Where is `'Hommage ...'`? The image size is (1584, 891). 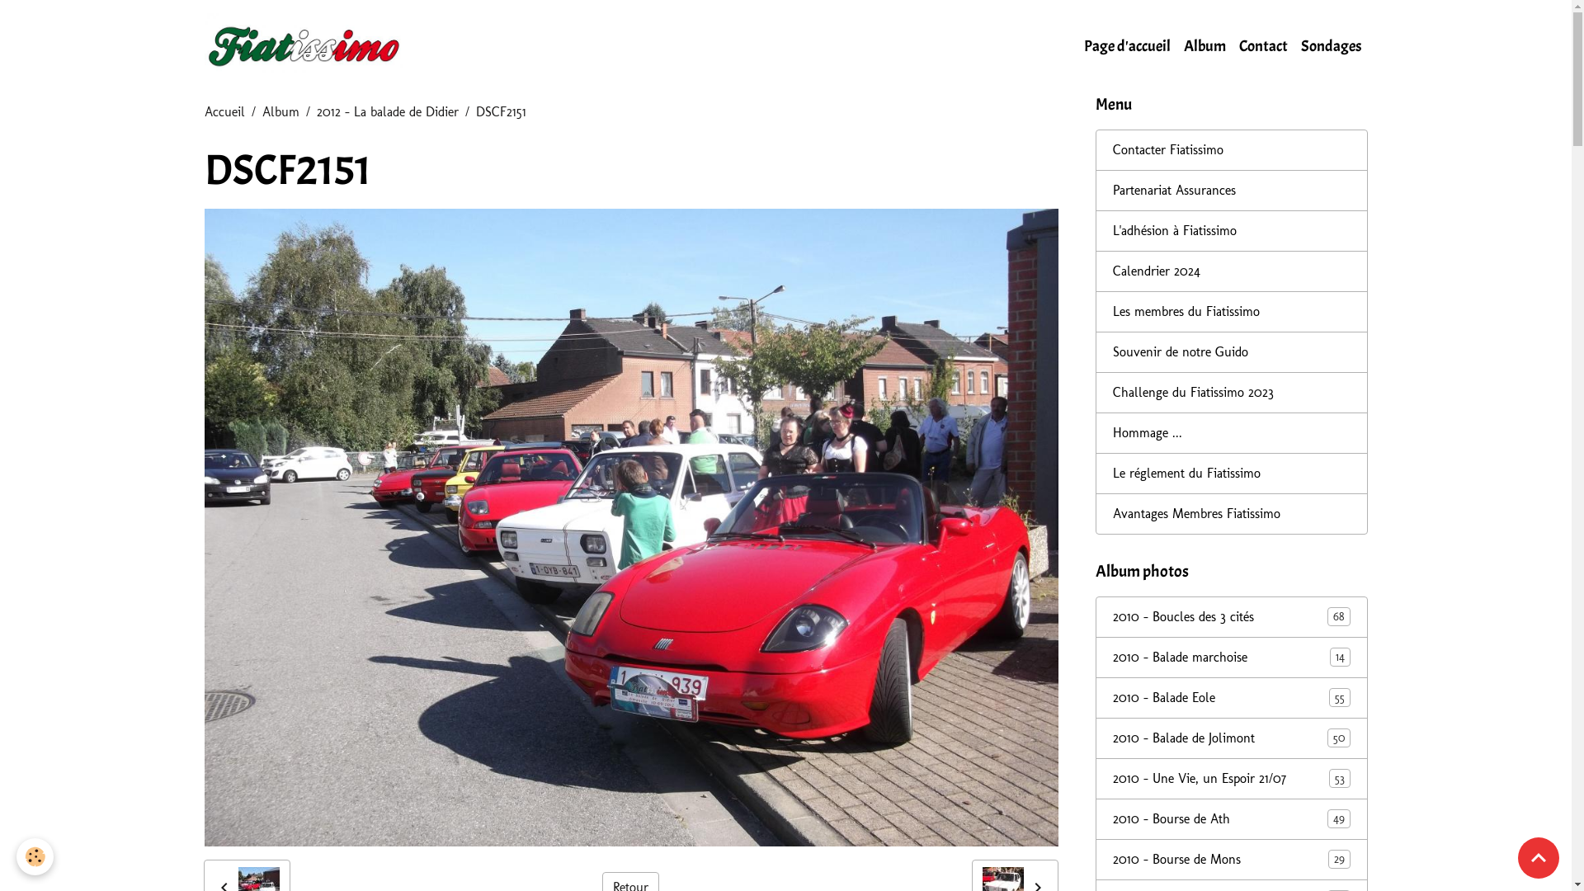 'Hommage ...' is located at coordinates (1231, 431).